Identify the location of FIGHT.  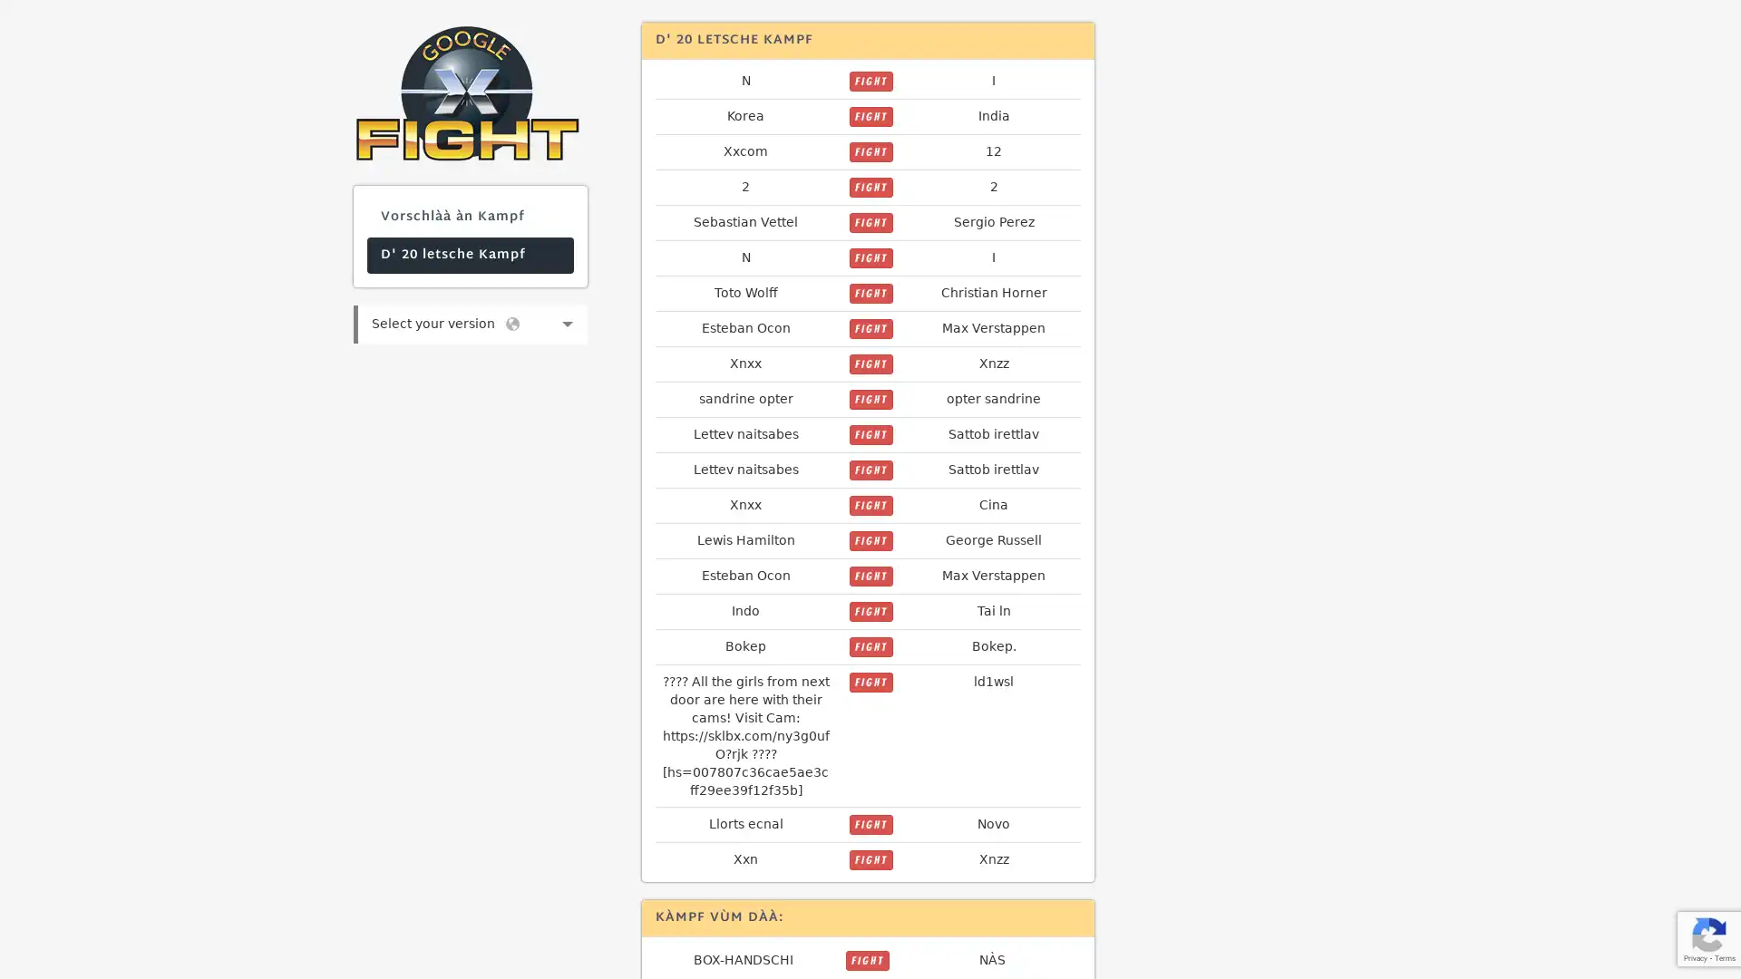
(870, 825).